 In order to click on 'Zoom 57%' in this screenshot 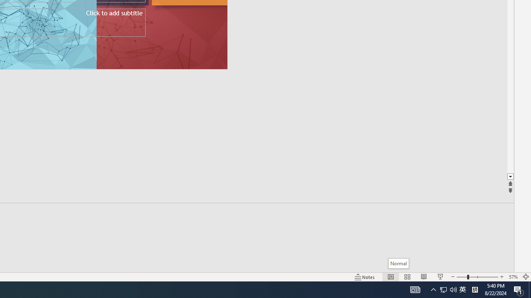, I will do `click(513, 277)`.